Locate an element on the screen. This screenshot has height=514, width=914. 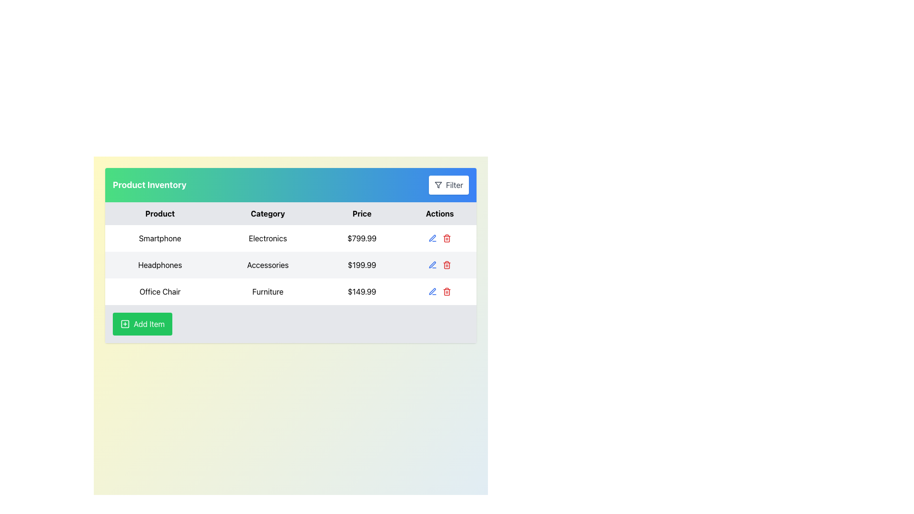
the 'Filter' button with a white background and gray text located at the top-right corner of the section is located at coordinates (448, 185).